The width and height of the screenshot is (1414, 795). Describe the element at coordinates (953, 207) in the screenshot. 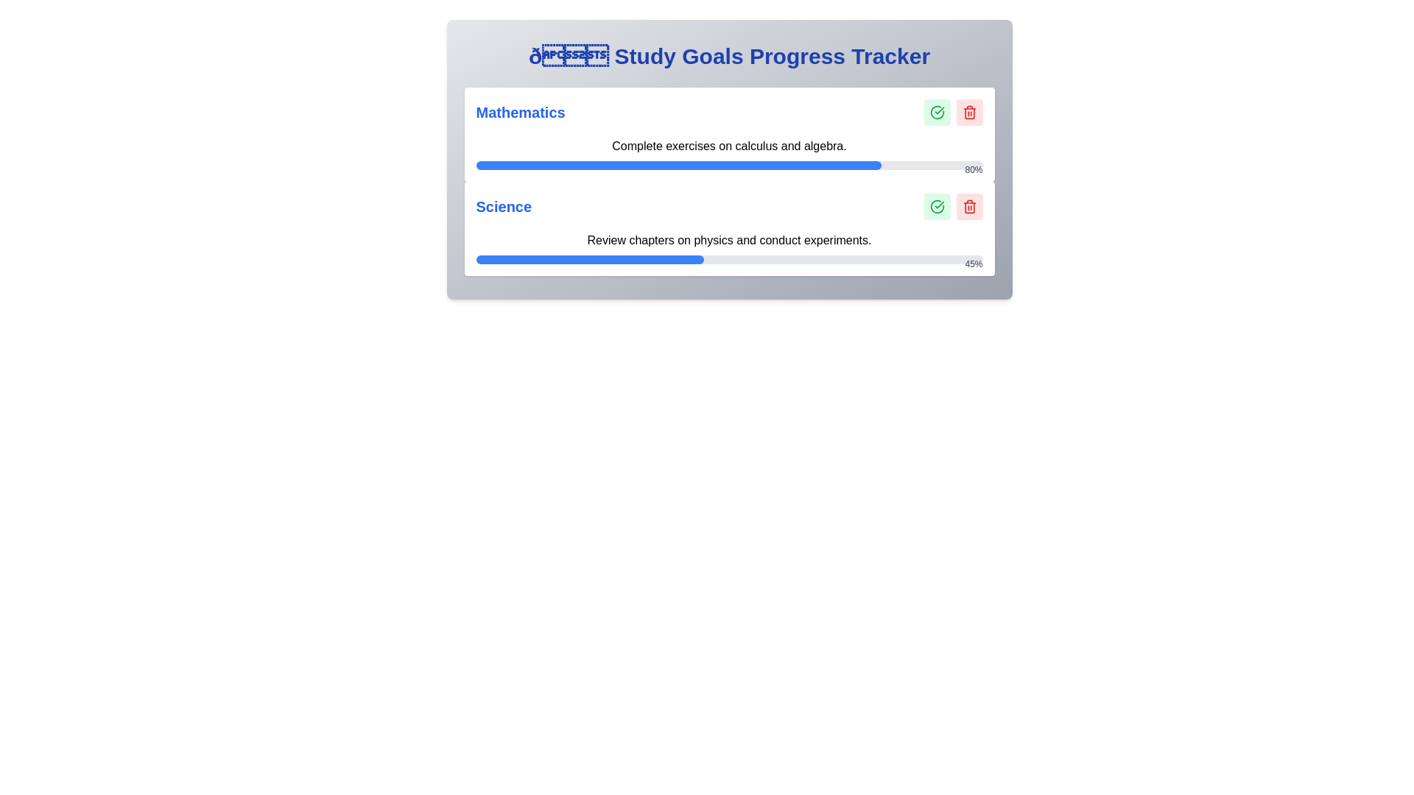

I see `the dual-button group for the 'Science' task in the 'Study Goals Progress Tracker' interface` at that location.